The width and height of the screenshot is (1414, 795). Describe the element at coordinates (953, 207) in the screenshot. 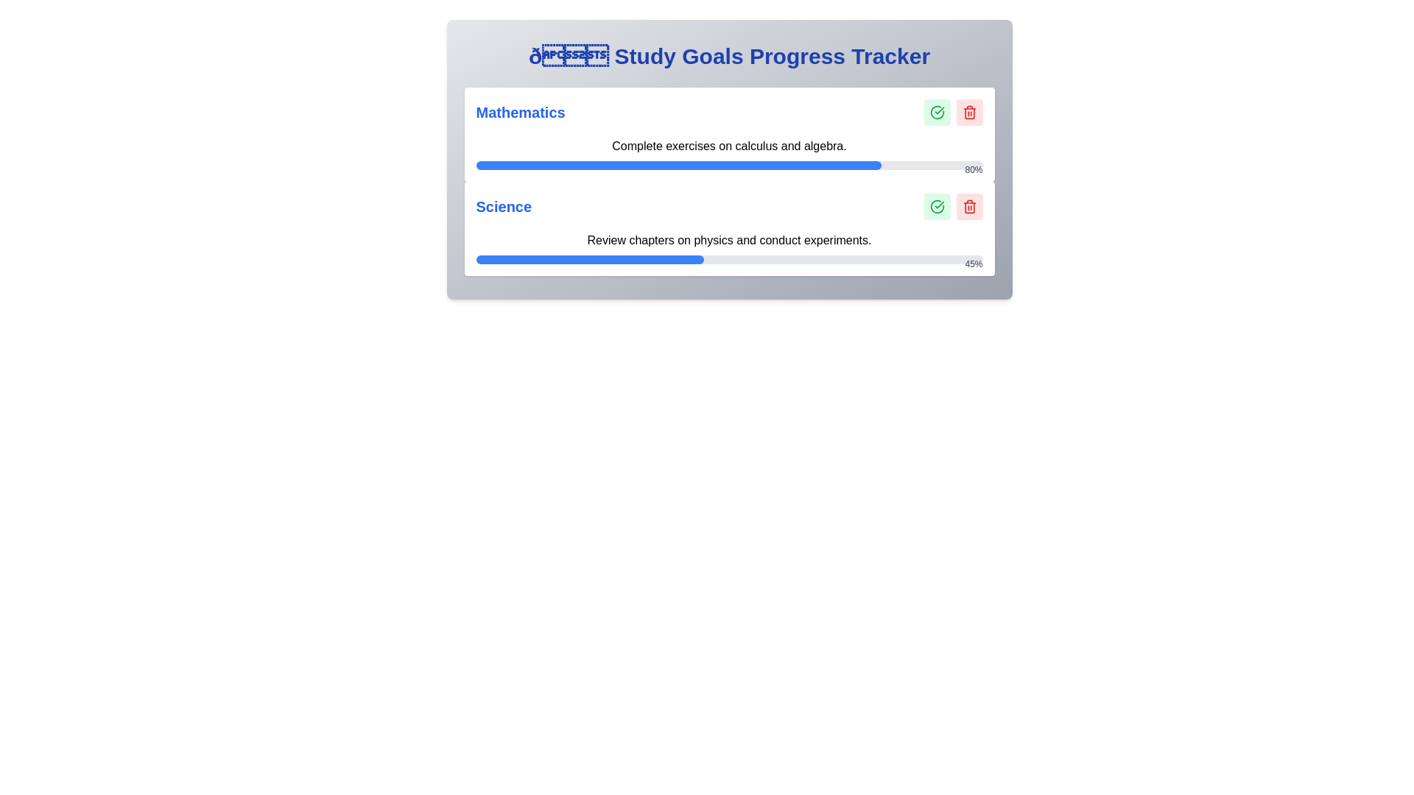

I see `the dual-button group for the 'Science' task in the 'Study Goals Progress Tracker' interface` at that location.